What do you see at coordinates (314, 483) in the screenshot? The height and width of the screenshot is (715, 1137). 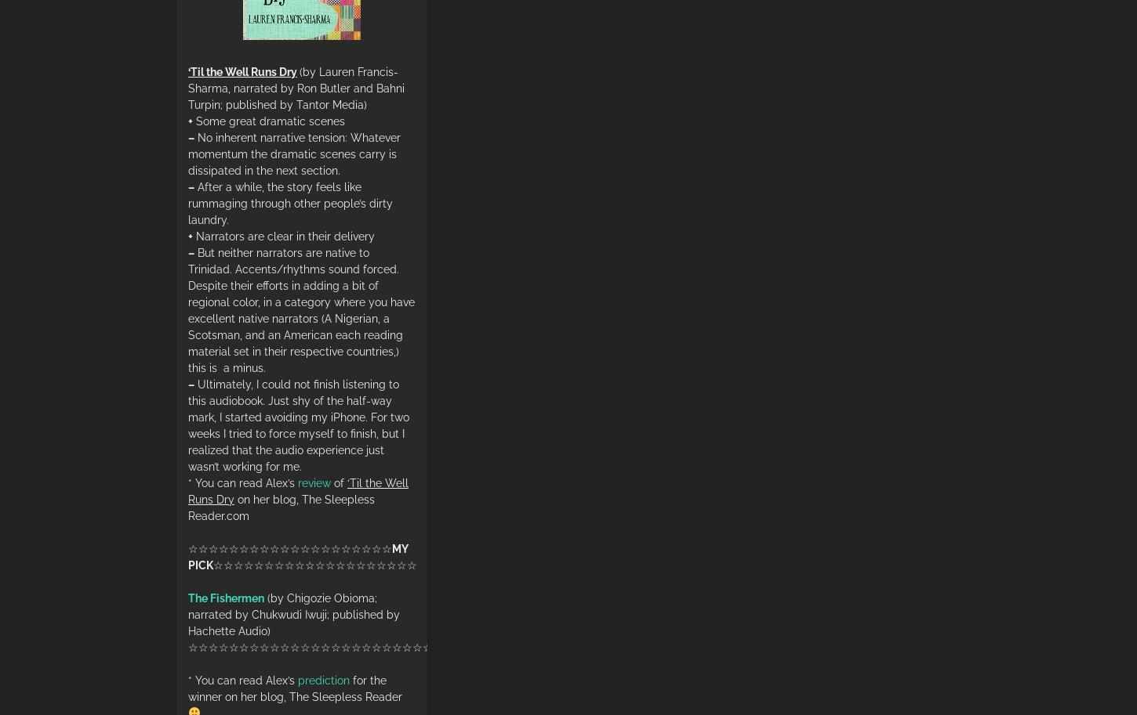 I see `'review'` at bounding box center [314, 483].